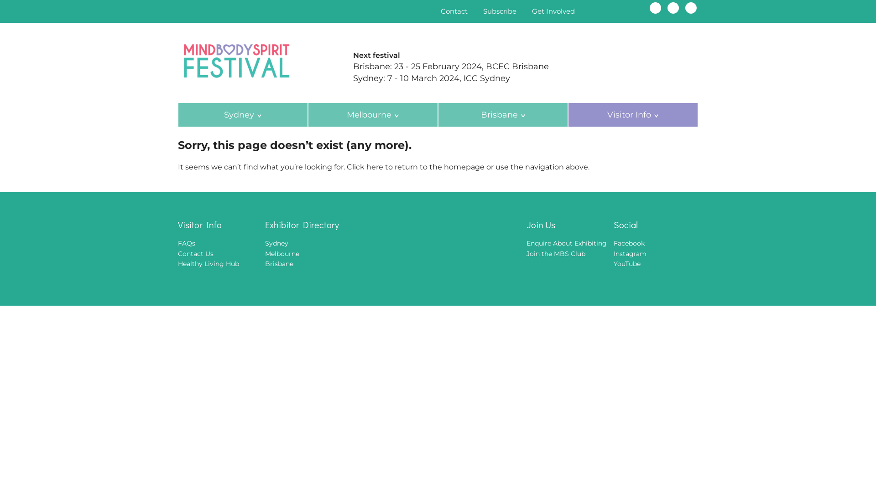 The width and height of the screenshot is (876, 492). What do you see at coordinates (454, 11) in the screenshot?
I see `'Contact'` at bounding box center [454, 11].